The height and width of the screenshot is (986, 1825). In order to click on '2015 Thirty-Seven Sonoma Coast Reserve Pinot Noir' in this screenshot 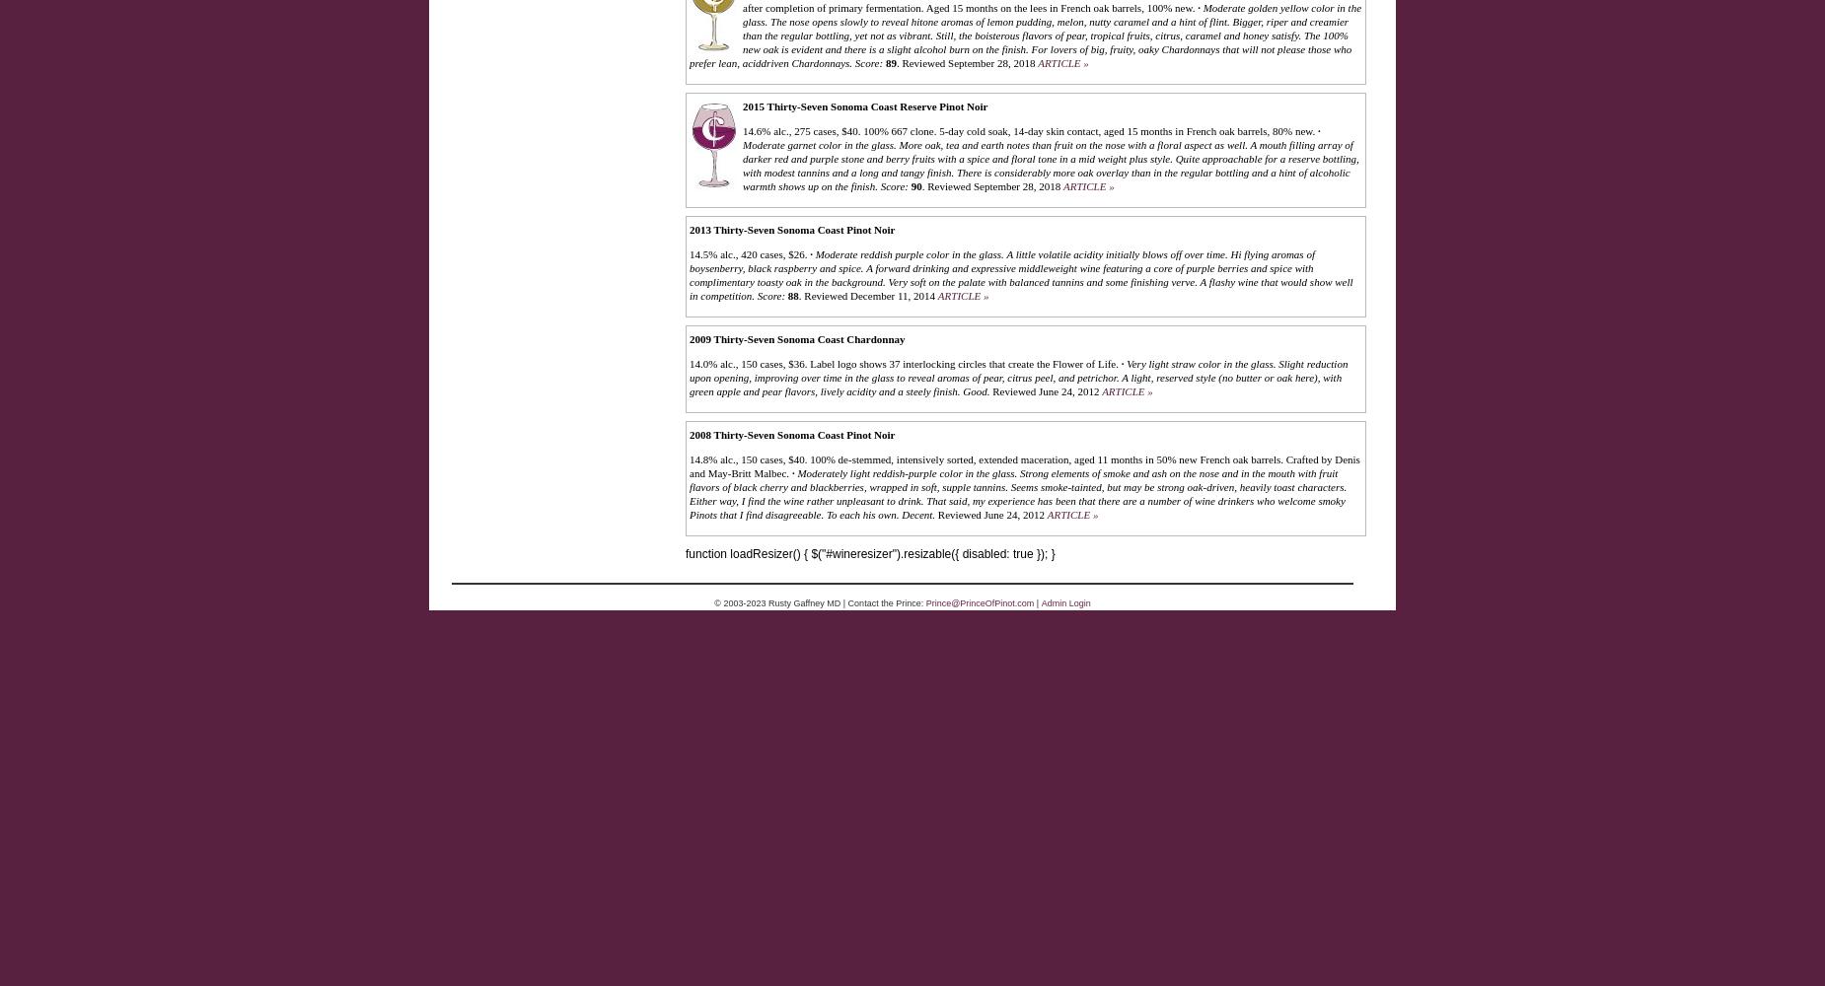, I will do `click(865, 105)`.